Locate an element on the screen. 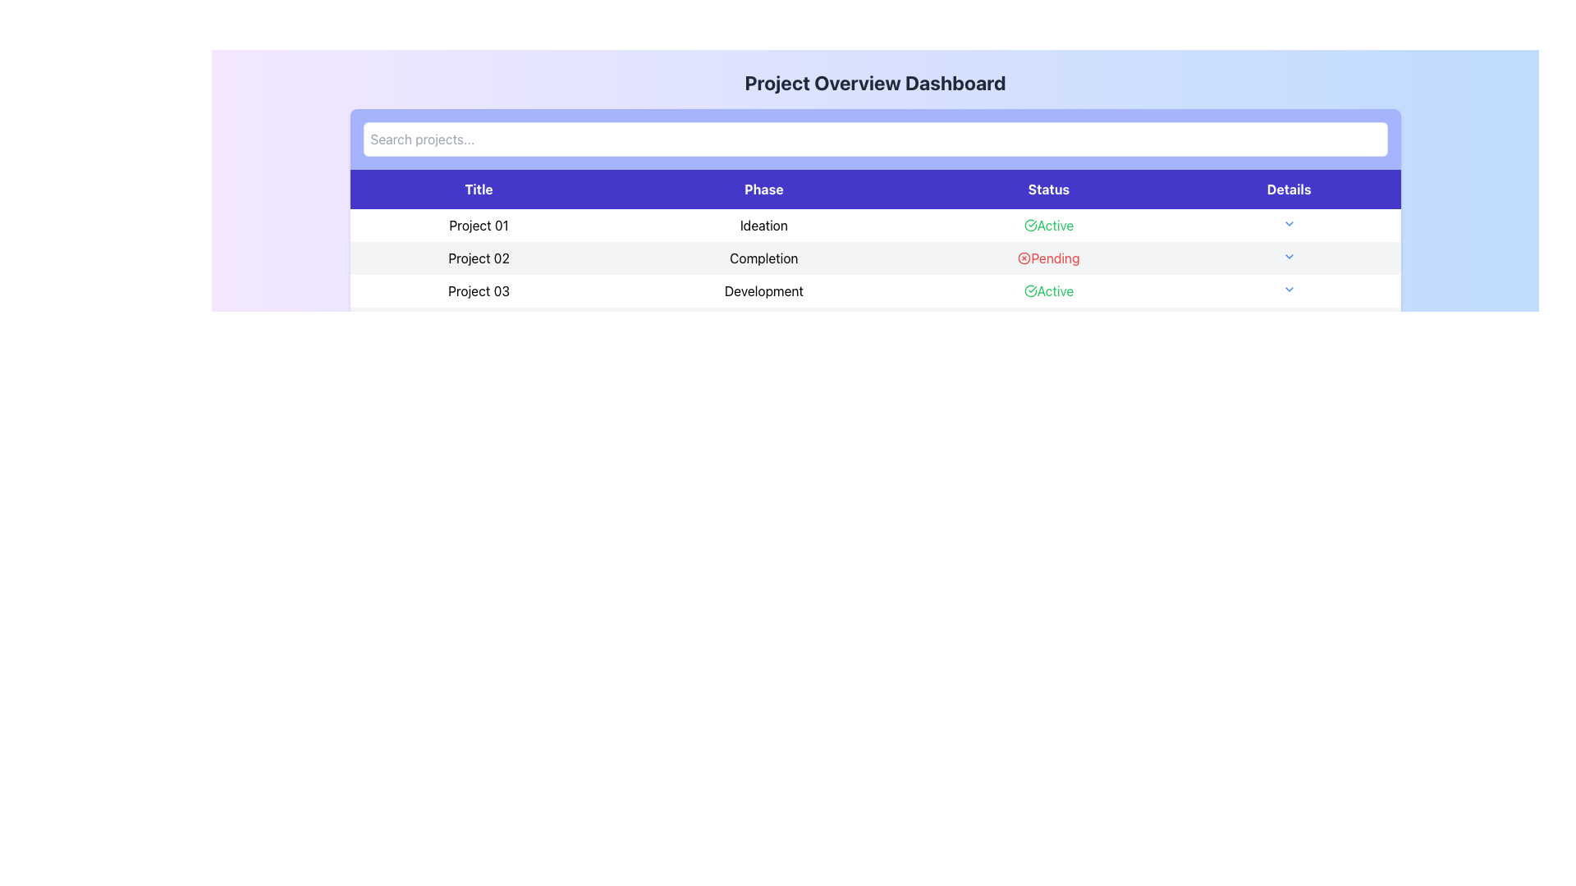 The image size is (1576, 886). the right-facing blue arrow icon in the 'Details' column of the table row for 'Project 02' is located at coordinates (1288, 258).